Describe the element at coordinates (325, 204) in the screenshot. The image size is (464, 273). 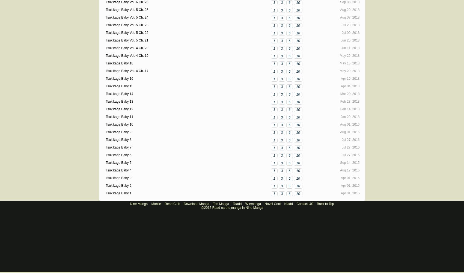
I see `'Back to Top'` at that location.